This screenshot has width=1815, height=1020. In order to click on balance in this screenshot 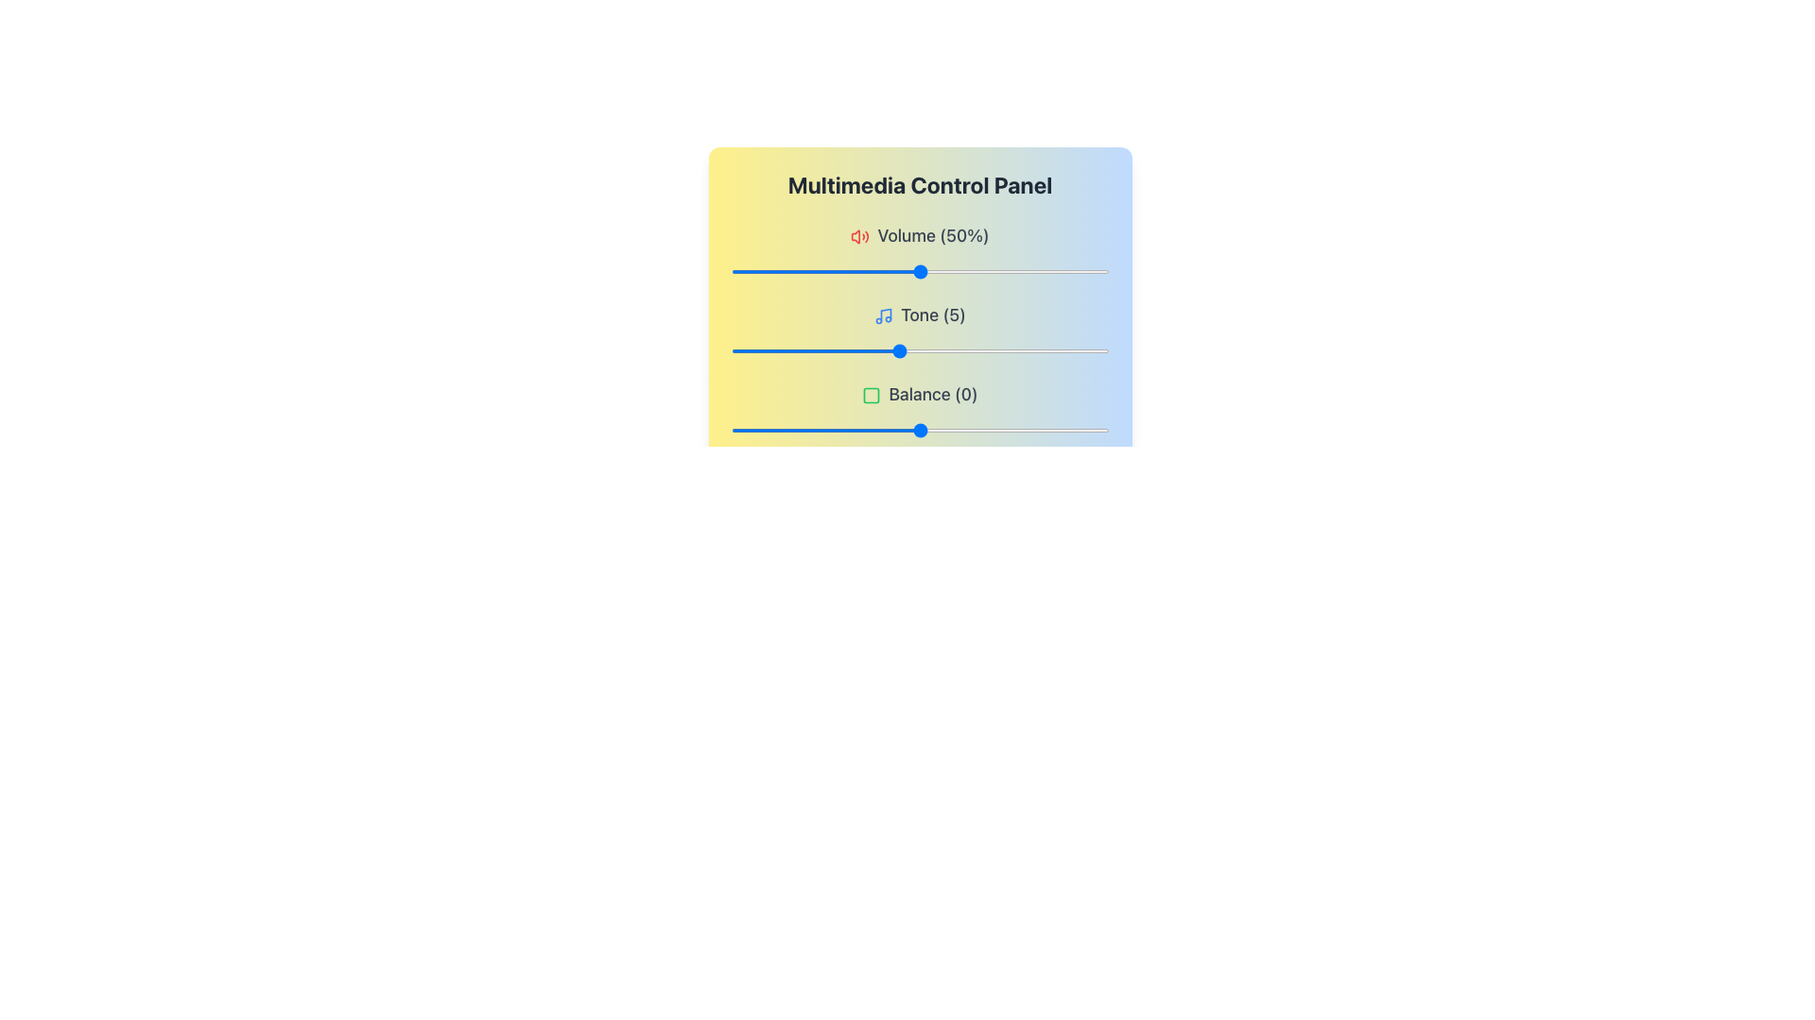, I will do `click(1071, 430)`.